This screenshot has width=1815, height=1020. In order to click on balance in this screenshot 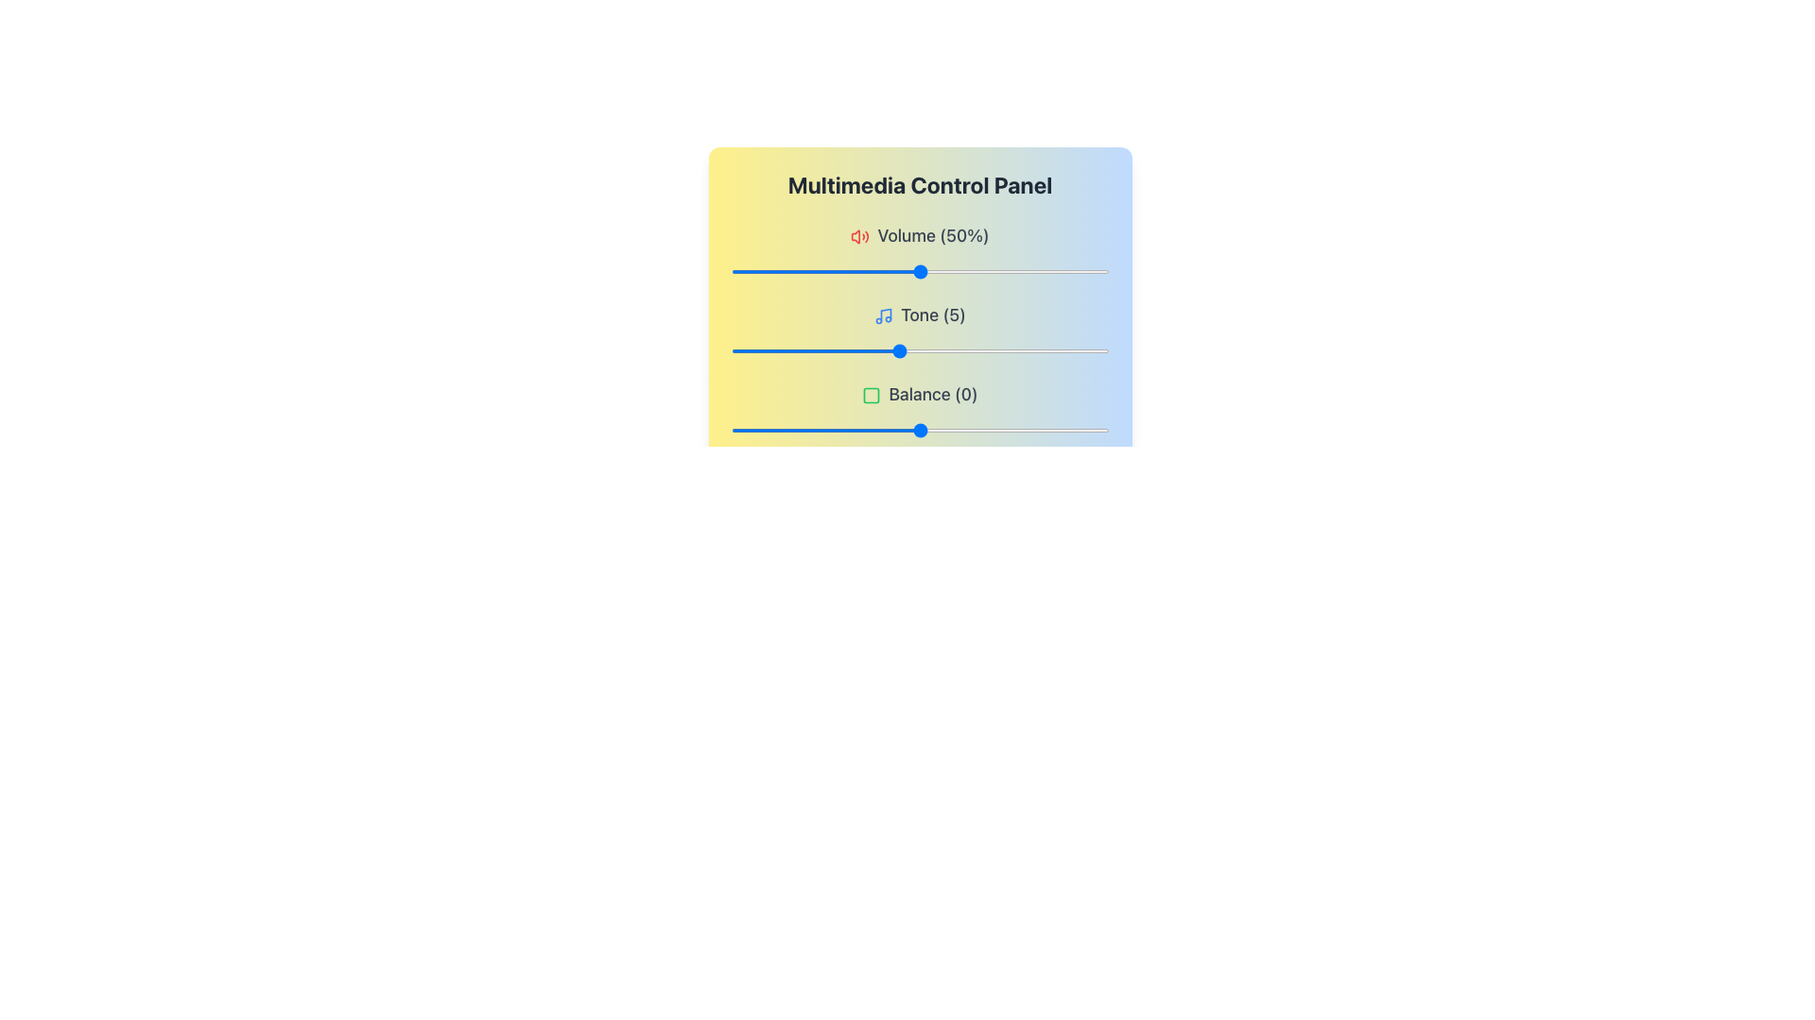, I will do `click(1071, 430)`.